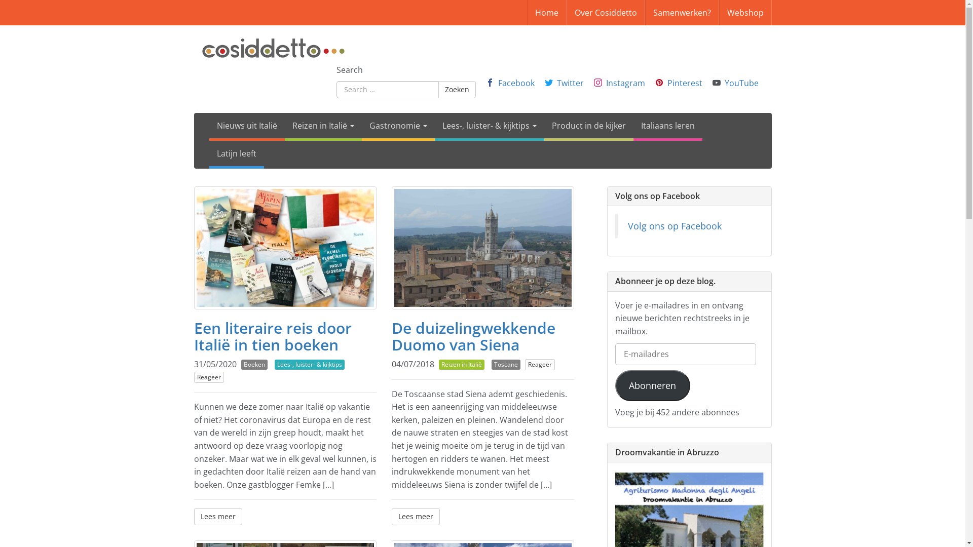 This screenshot has width=973, height=547. I want to click on 'Lees meer', so click(415, 516).